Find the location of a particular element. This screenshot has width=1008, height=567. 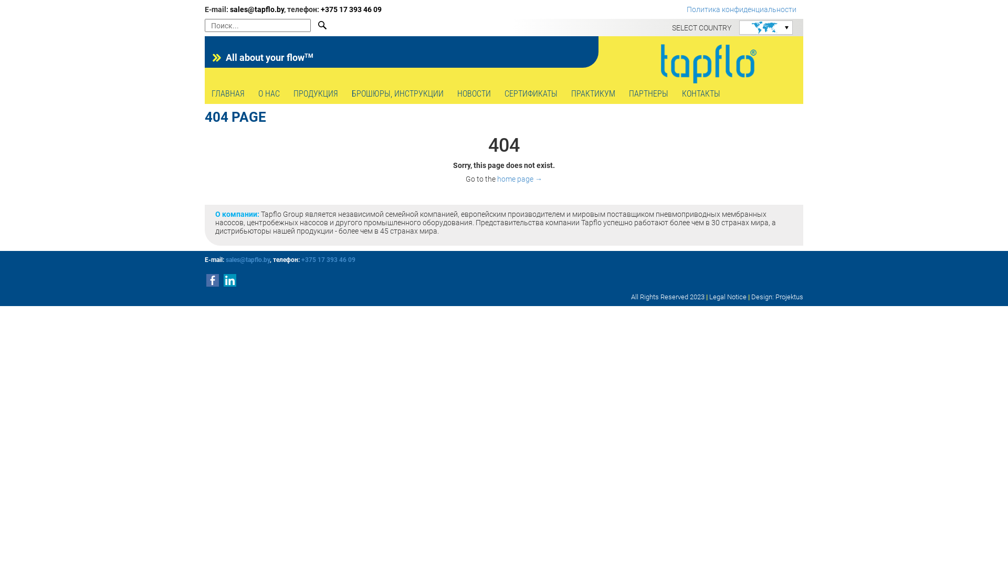

'+375 17 393 46 09' is located at coordinates (328, 259).